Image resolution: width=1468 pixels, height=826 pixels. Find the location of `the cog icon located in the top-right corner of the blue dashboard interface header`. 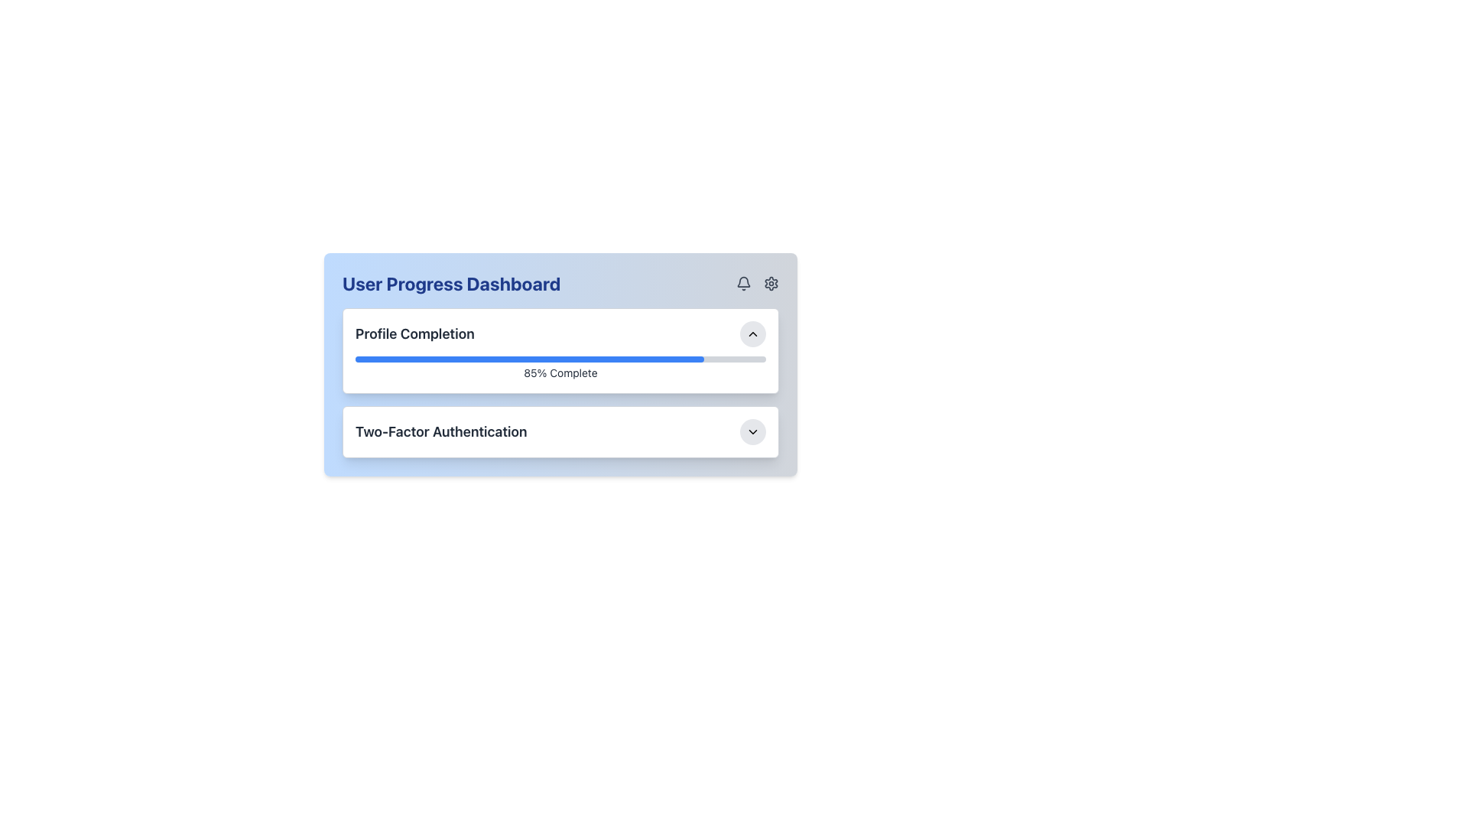

the cog icon located in the top-right corner of the blue dashboard interface header is located at coordinates (771, 283).